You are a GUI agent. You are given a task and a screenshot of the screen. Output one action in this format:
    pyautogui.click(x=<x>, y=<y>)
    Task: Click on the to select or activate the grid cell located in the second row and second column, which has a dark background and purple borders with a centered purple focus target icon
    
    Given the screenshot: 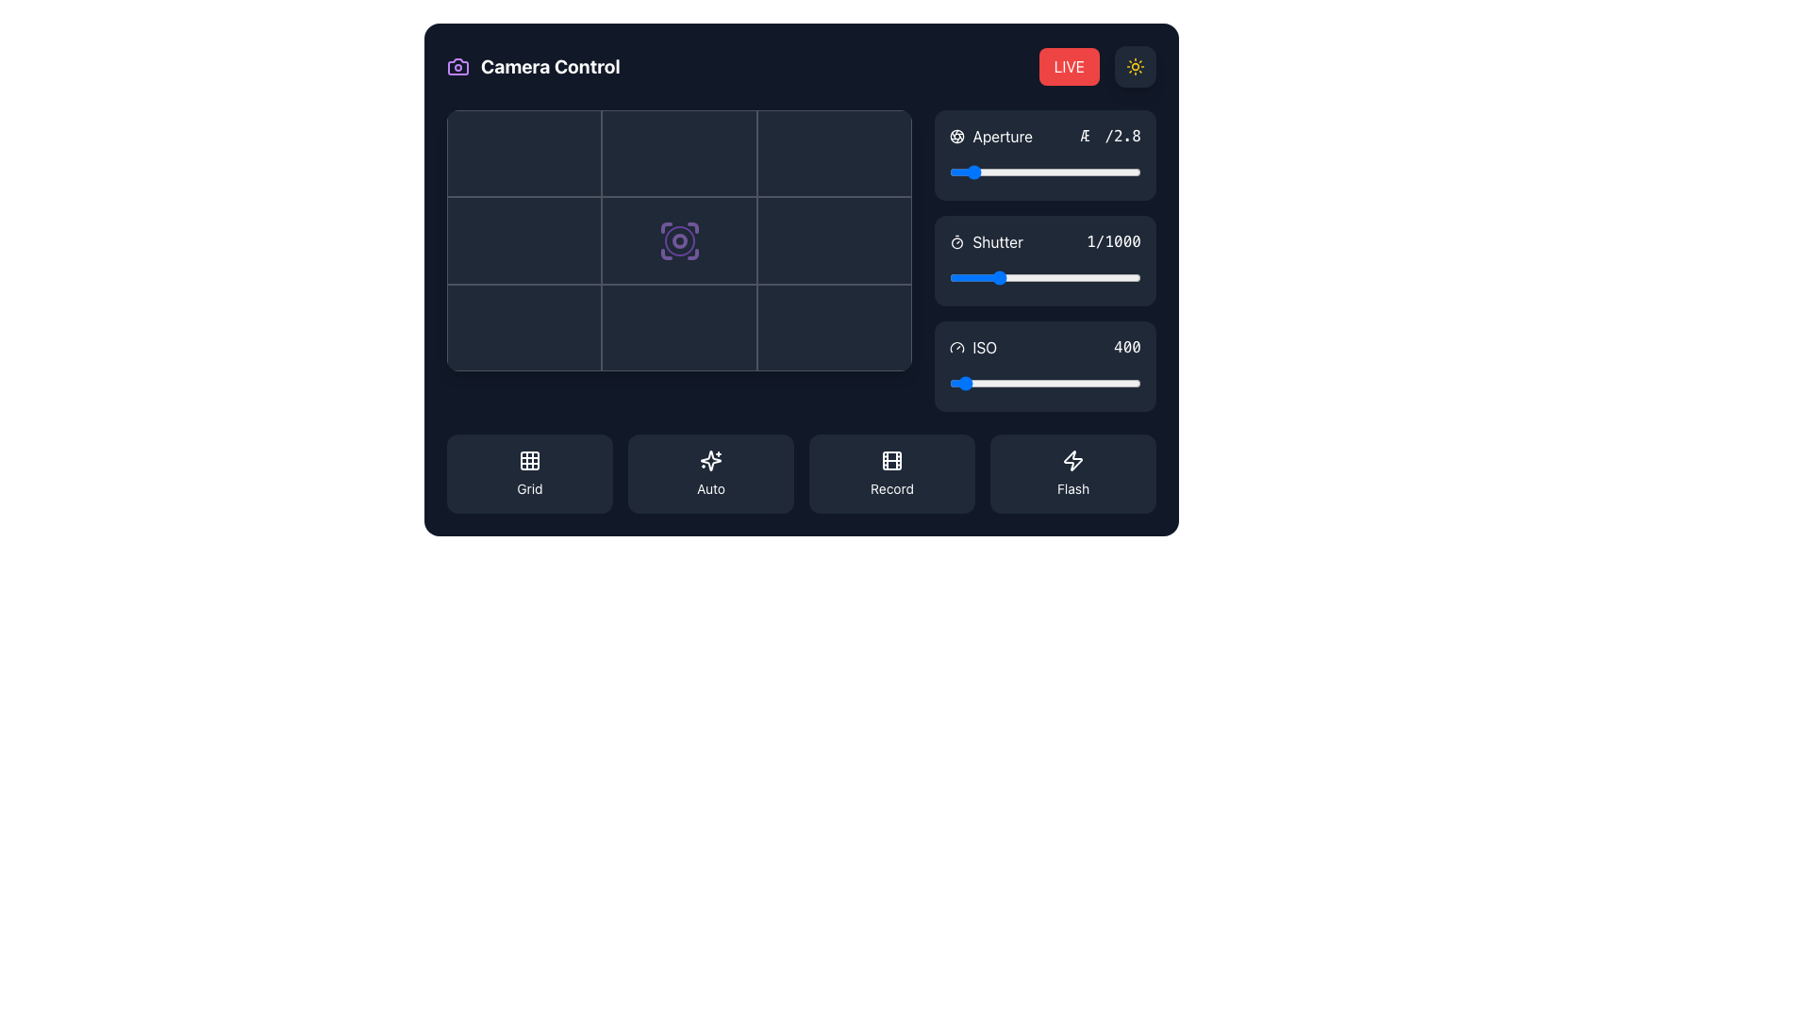 What is the action you would take?
    pyautogui.click(x=679, y=239)
    